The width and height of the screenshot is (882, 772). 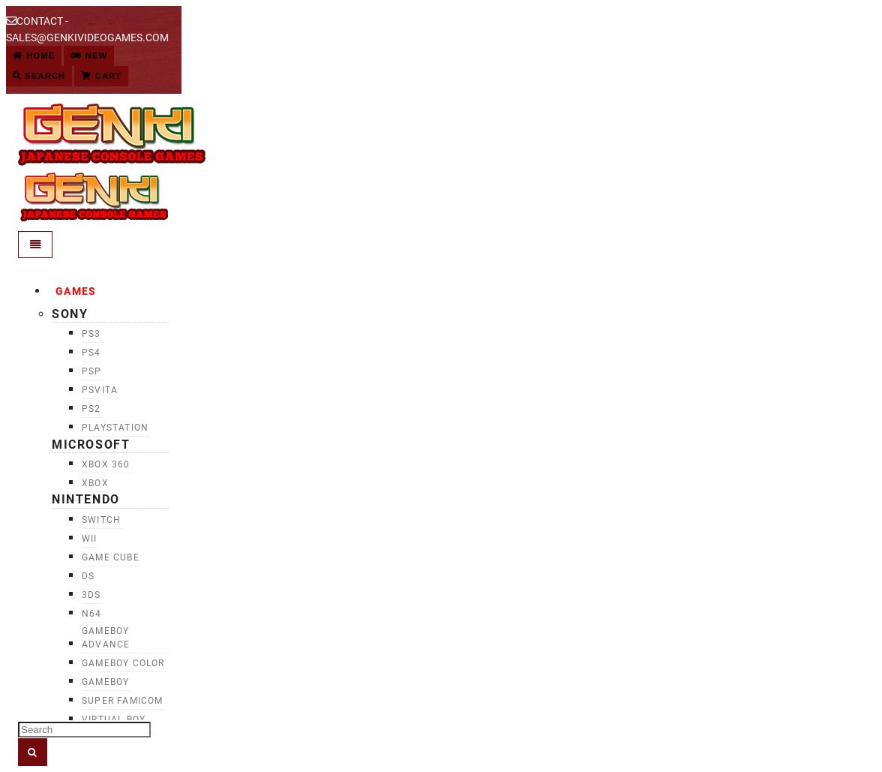 I want to click on 'Home', so click(x=38, y=55).